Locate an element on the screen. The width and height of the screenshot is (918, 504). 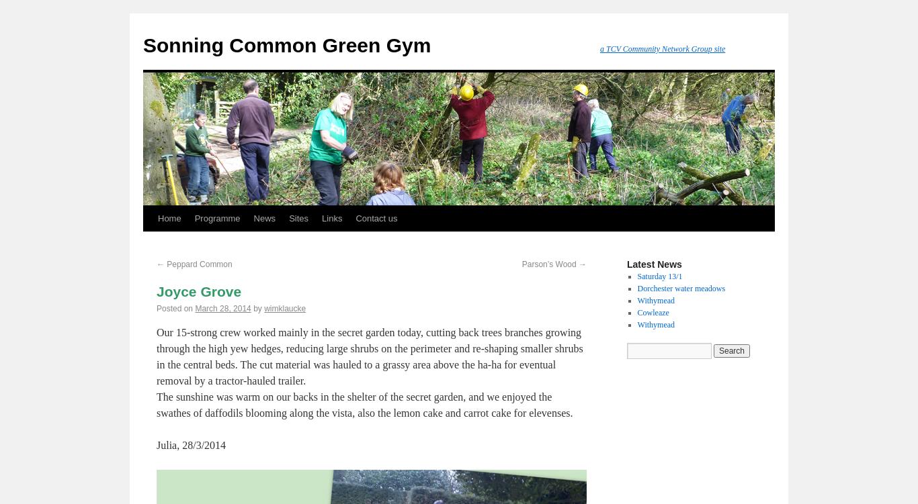
'Parson’s Wood' is located at coordinates (549, 263).